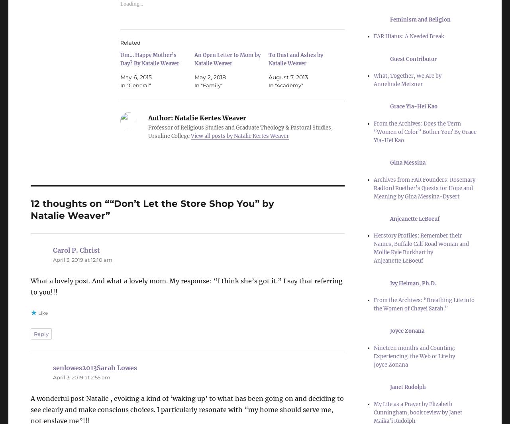  Describe the element at coordinates (413, 283) in the screenshot. I see `'Ivy Helman, Ph.D.'` at that location.